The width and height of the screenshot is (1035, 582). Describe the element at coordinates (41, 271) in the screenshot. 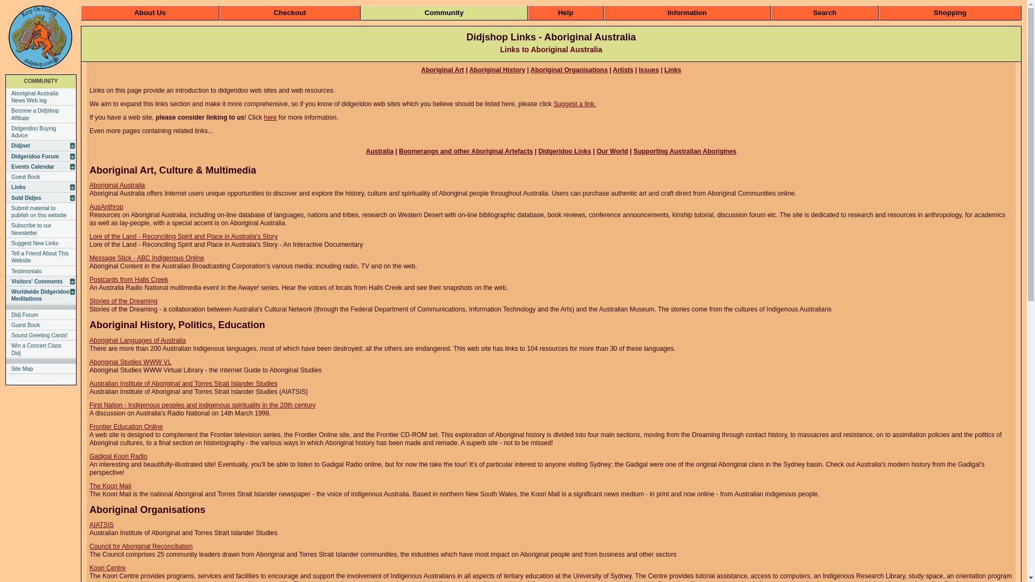

I see `'Testimonials'` at that location.